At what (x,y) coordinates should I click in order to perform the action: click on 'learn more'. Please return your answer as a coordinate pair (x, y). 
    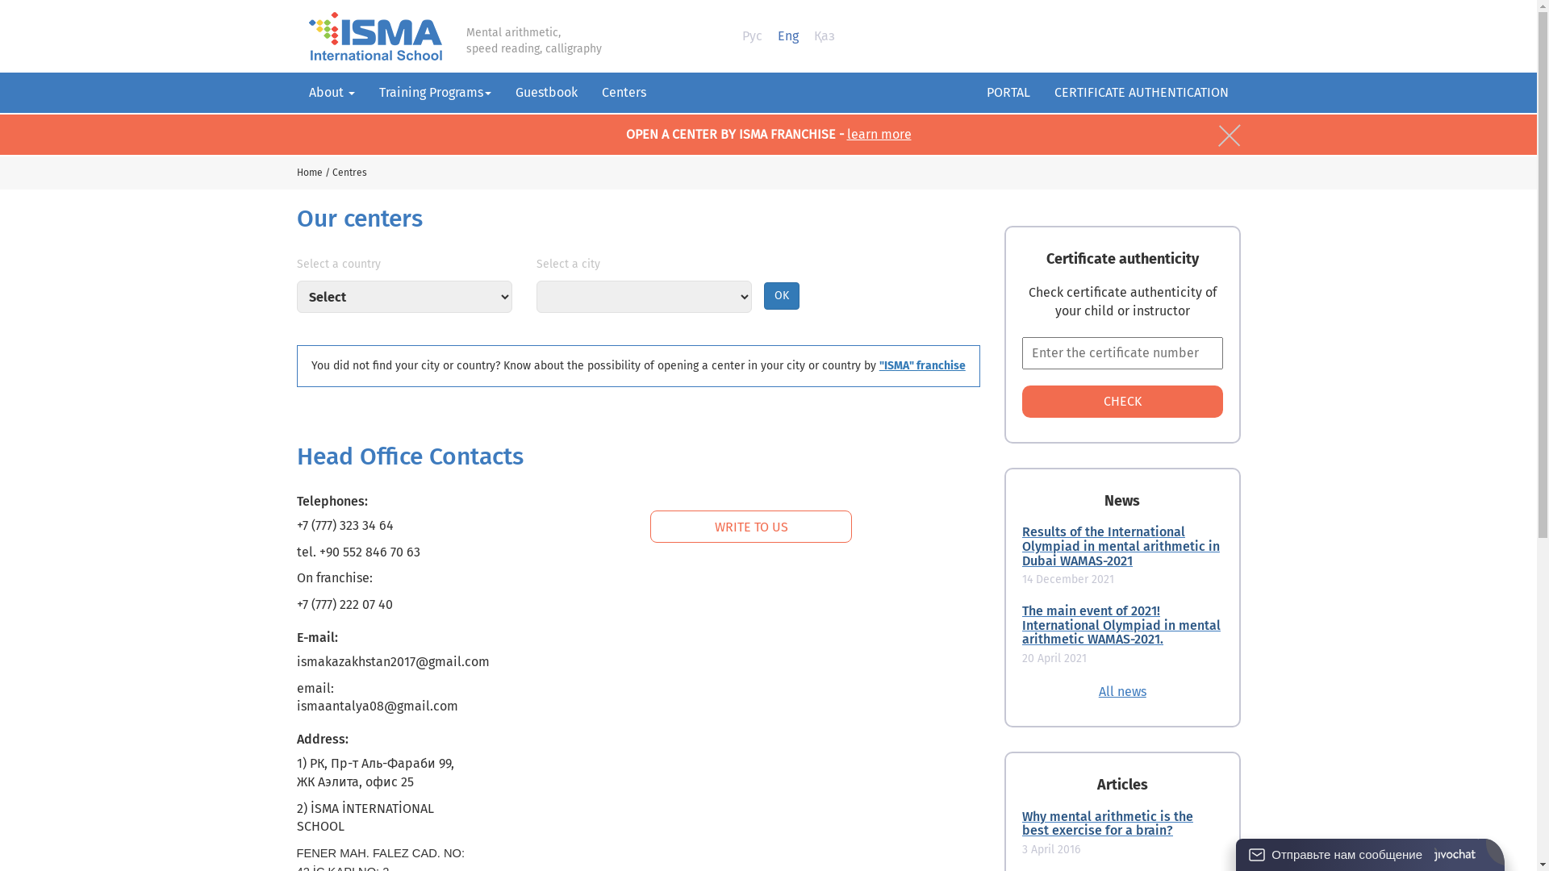
    Looking at the image, I should click on (878, 133).